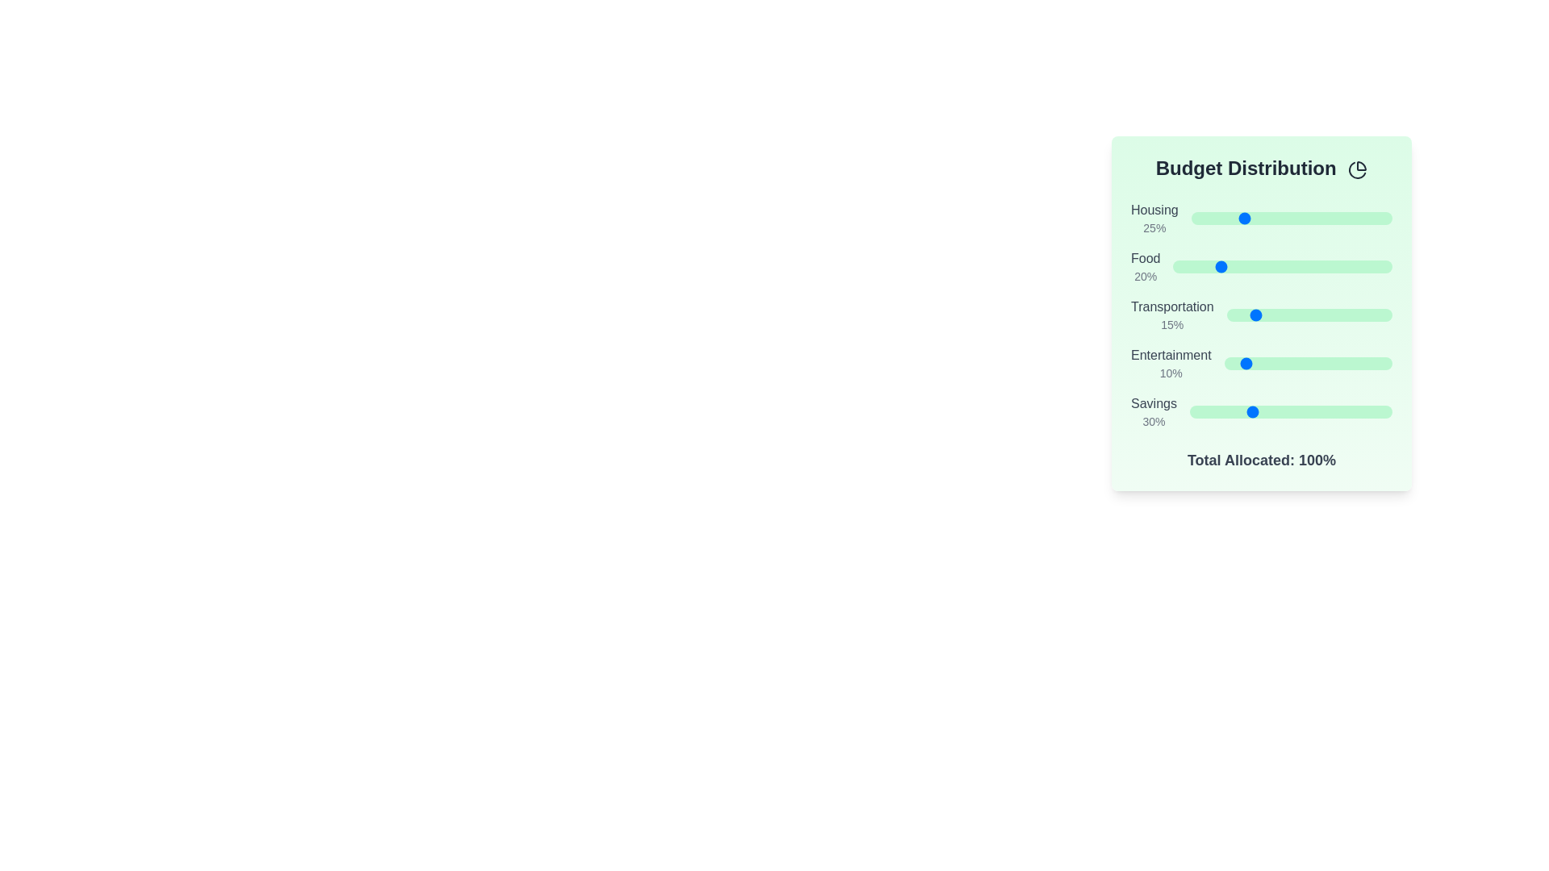 The width and height of the screenshot is (1549, 871). I want to click on the percentage text for Food to read it more clearly, so click(1145, 276).